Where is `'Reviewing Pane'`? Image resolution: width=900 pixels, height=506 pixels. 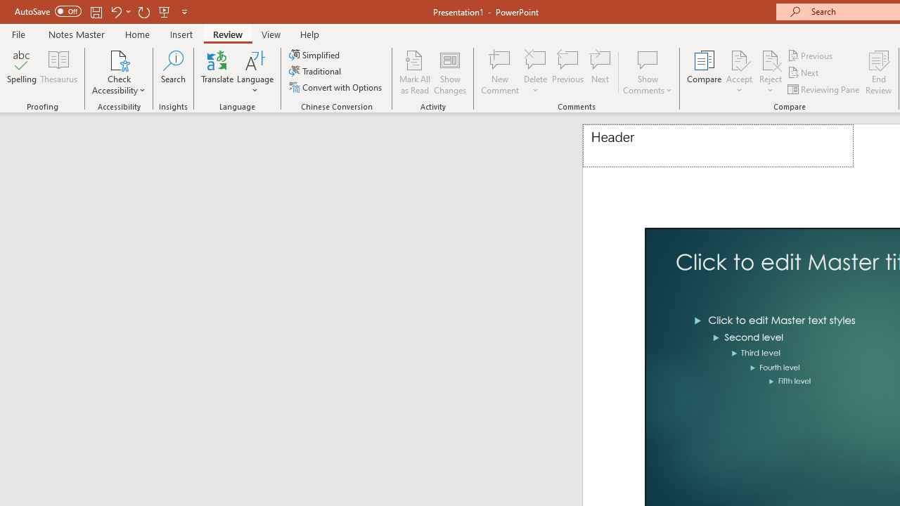
'Reviewing Pane' is located at coordinates (825, 89).